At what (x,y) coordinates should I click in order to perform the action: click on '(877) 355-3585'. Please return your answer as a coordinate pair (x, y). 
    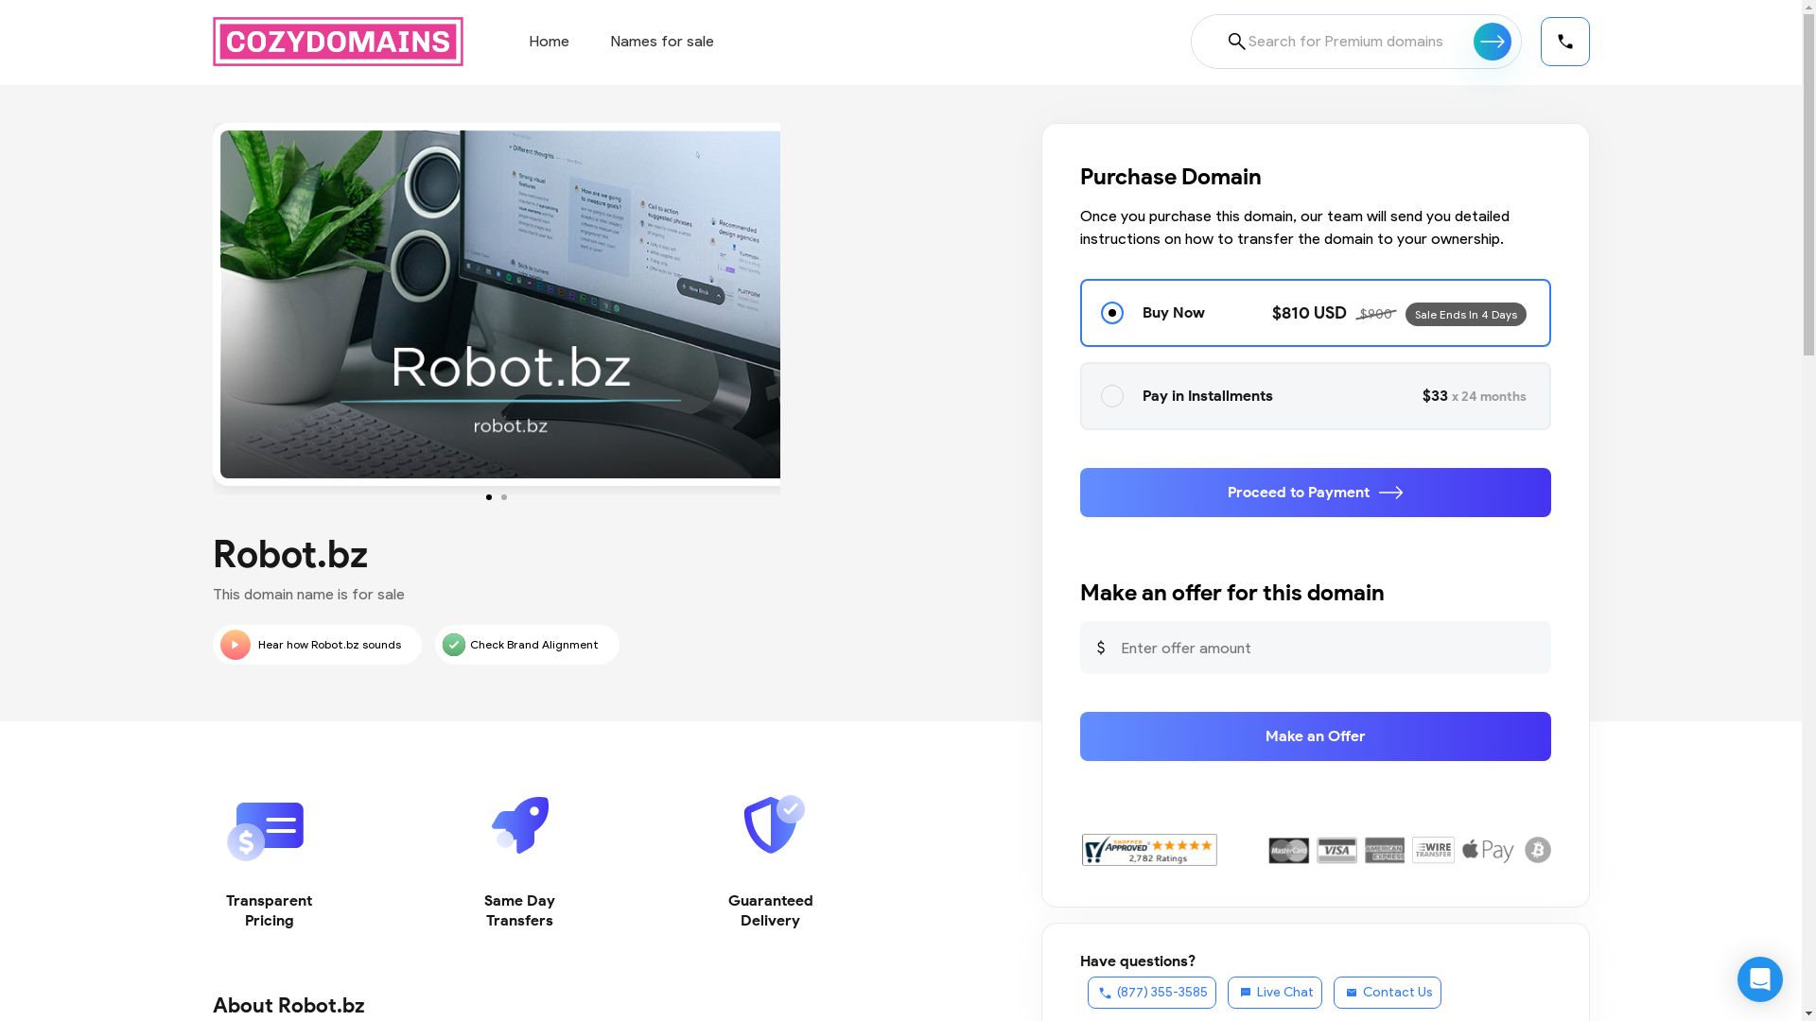
    Looking at the image, I should click on (1151, 991).